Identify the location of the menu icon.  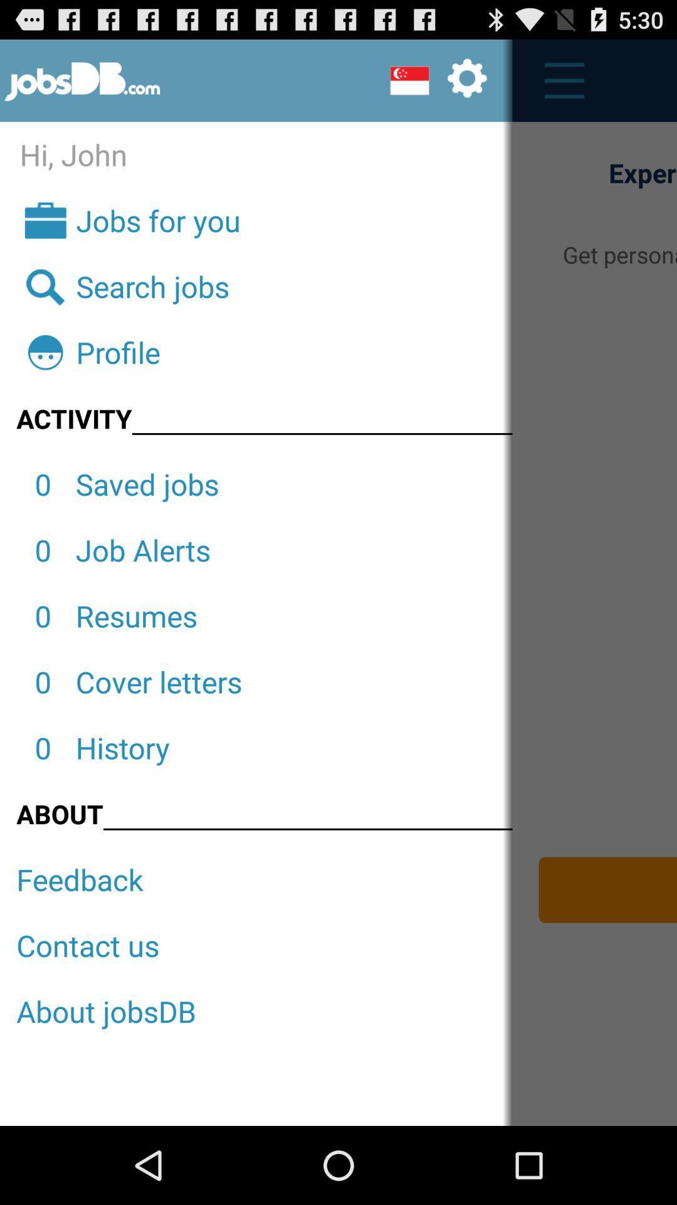
(557, 86).